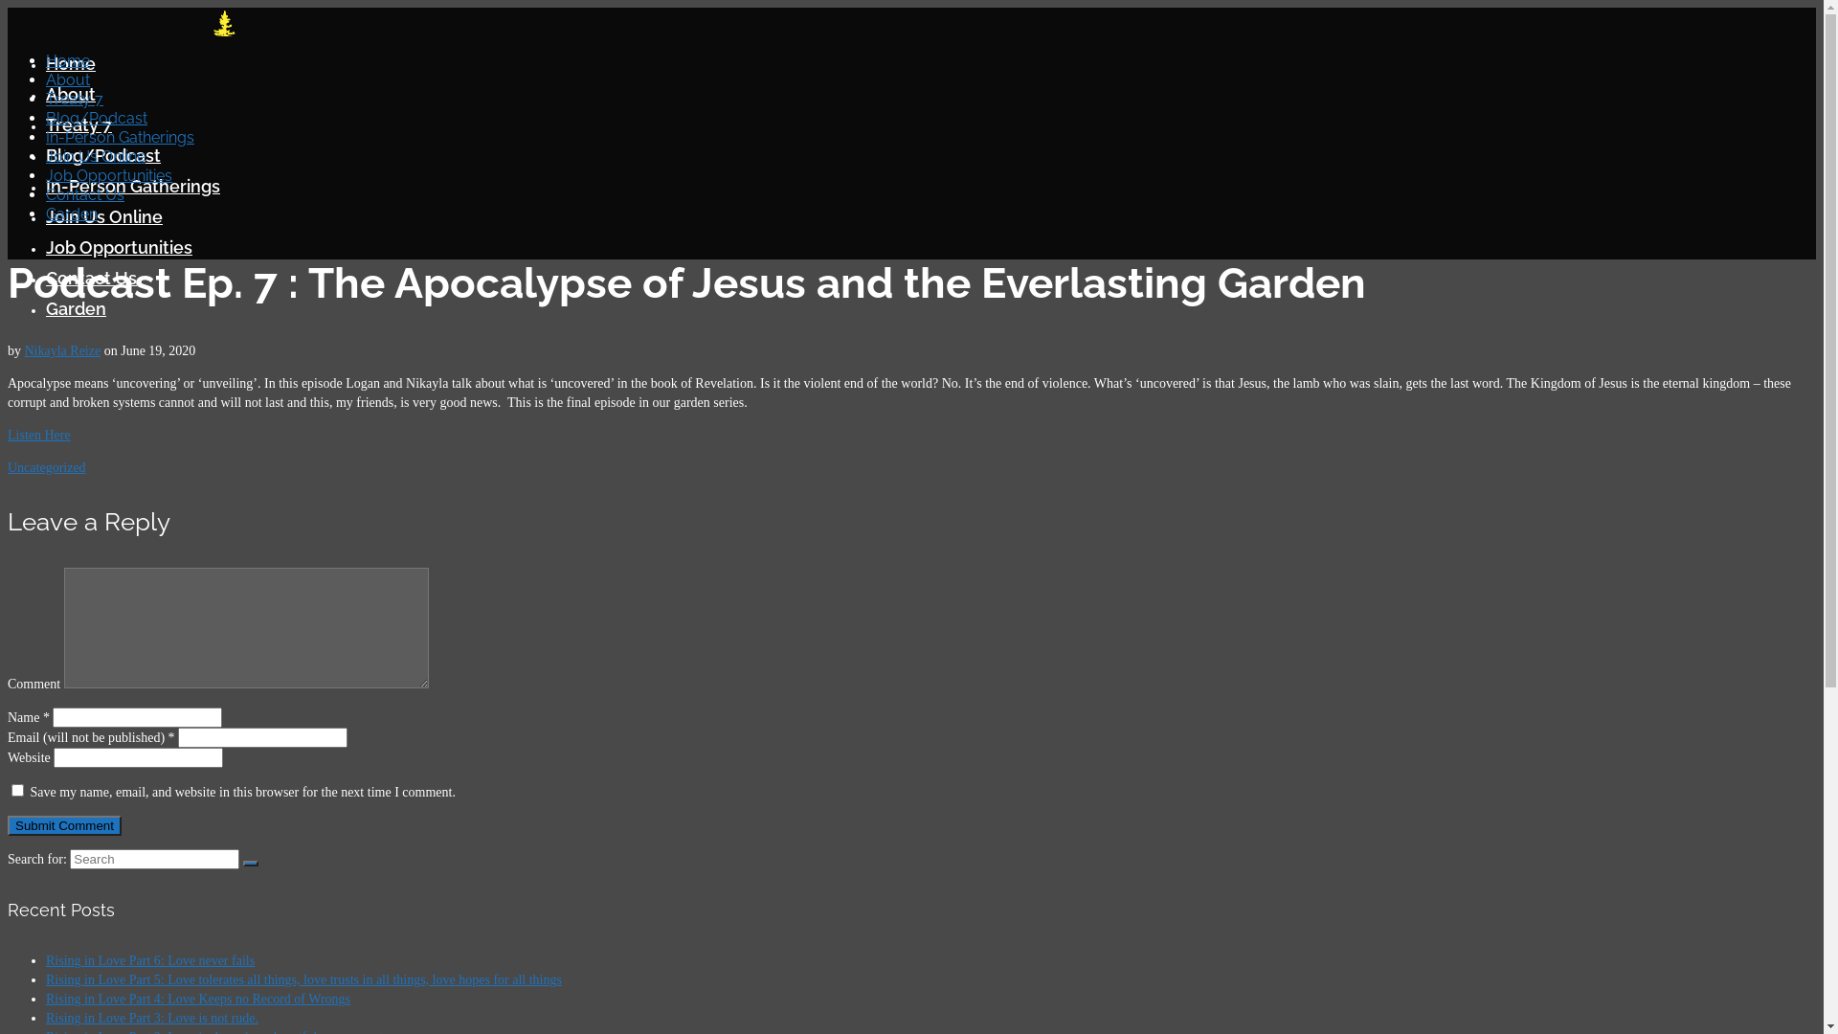 The image size is (1838, 1034). What do you see at coordinates (118, 246) in the screenshot?
I see `'Job Opportunities'` at bounding box center [118, 246].